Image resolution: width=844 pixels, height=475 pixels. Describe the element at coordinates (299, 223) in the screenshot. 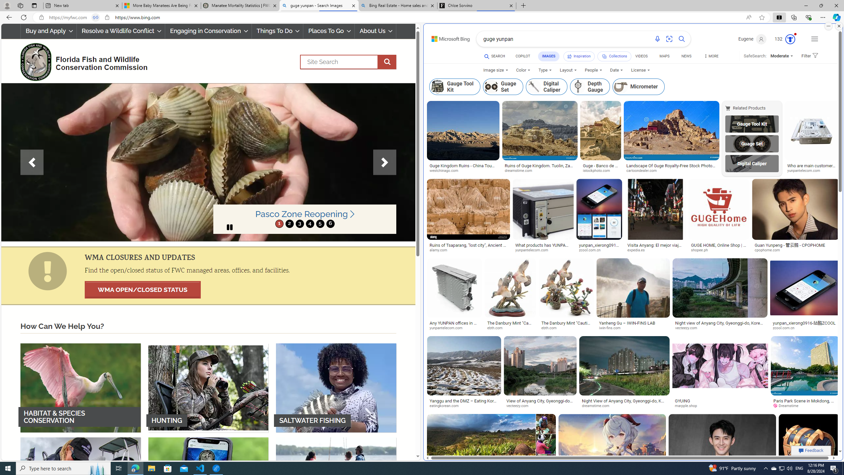

I see `'3'` at that location.